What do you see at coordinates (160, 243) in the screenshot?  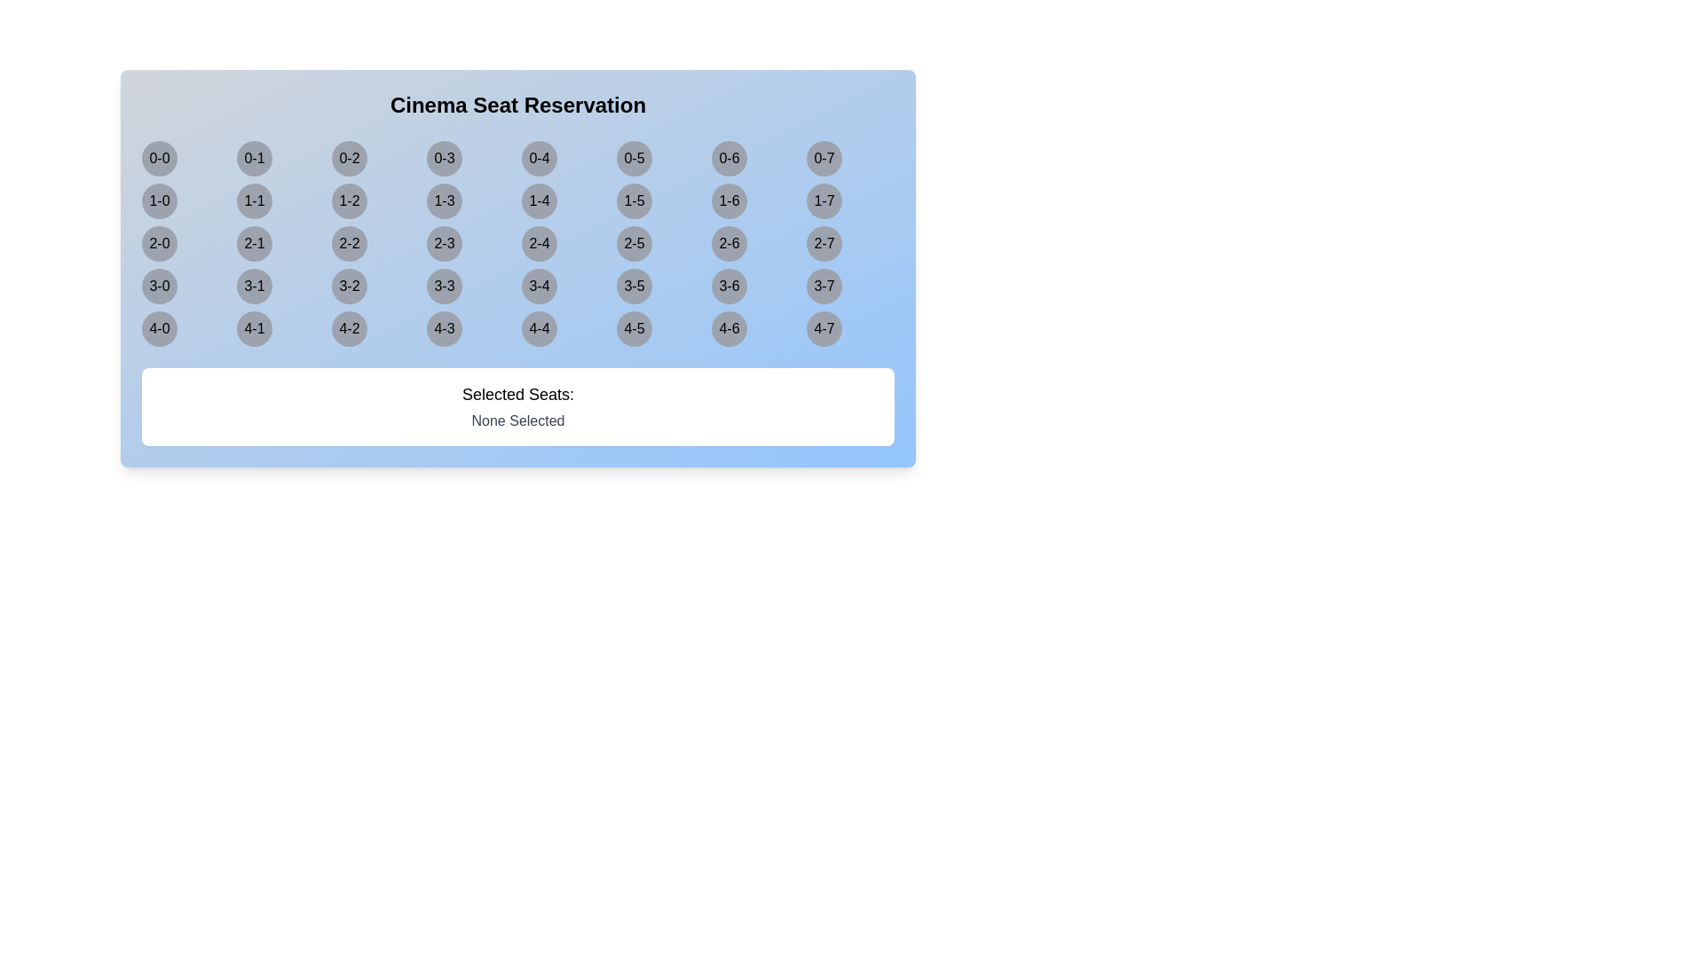 I see `the circular button with a gray background labeled '2-0'` at bounding box center [160, 243].